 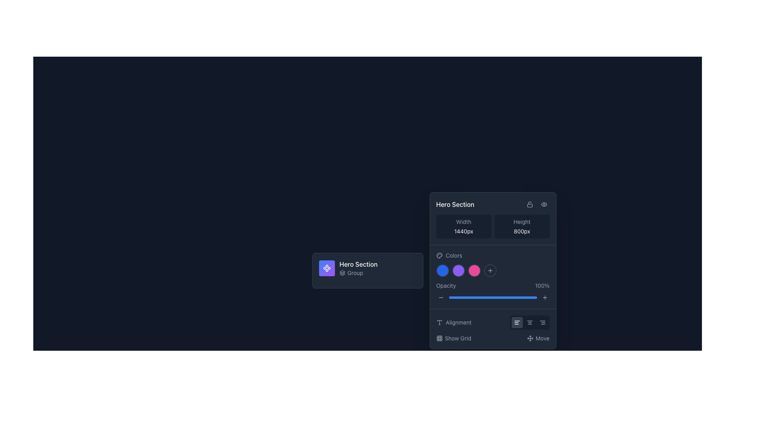 What do you see at coordinates (530, 204) in the screenshot?
I see `the lock/unlock icon button located in the top-right corner of the 'Hero Section' panel` at bounding box center [530, 204].